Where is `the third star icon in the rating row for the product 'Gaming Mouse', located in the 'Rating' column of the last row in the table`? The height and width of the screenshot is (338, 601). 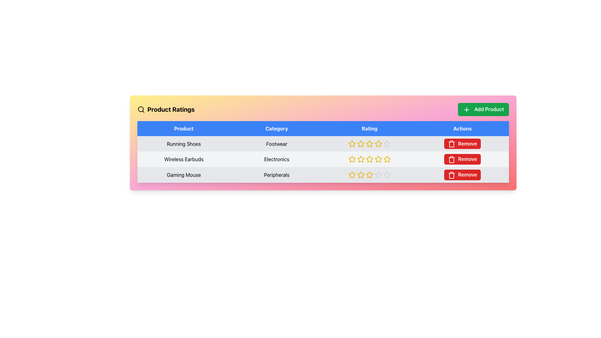 the third star icon in the rating row for the product 'Gaming Mouse', located in the 'Rating' column of the last row in the table is located at coordinates (361, 175).